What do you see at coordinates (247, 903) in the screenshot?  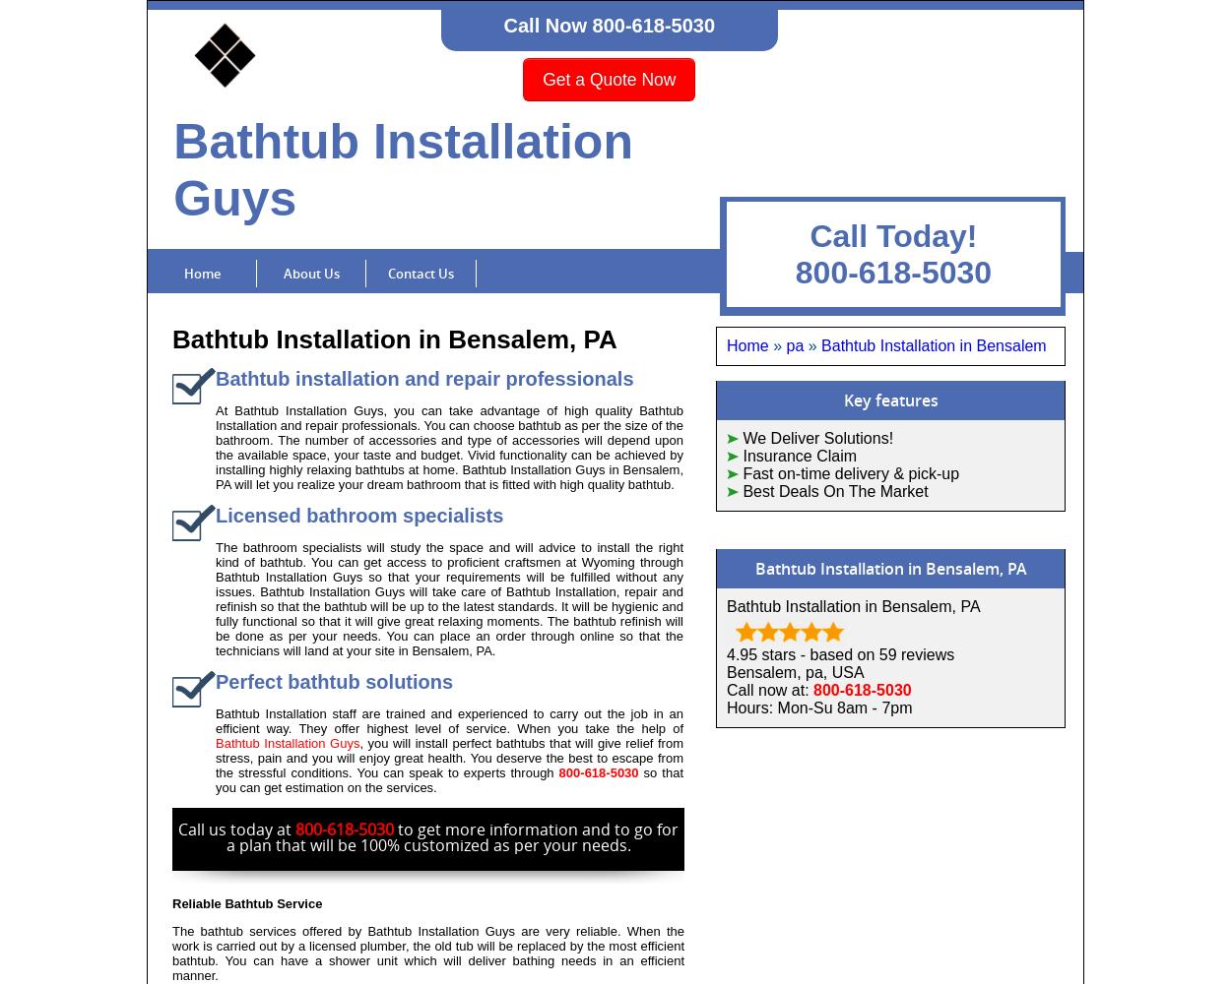 I see `'Reliable Bathtub Service'` at bounding box center [247, 903].